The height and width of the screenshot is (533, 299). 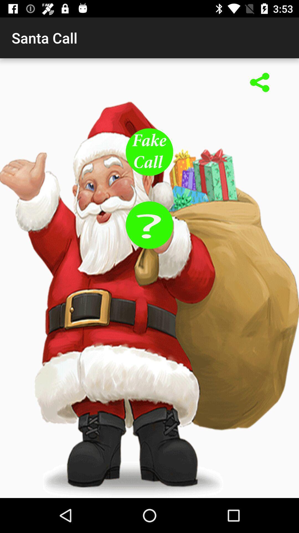 I want to click on menu paga, so click(x=260, y=83).